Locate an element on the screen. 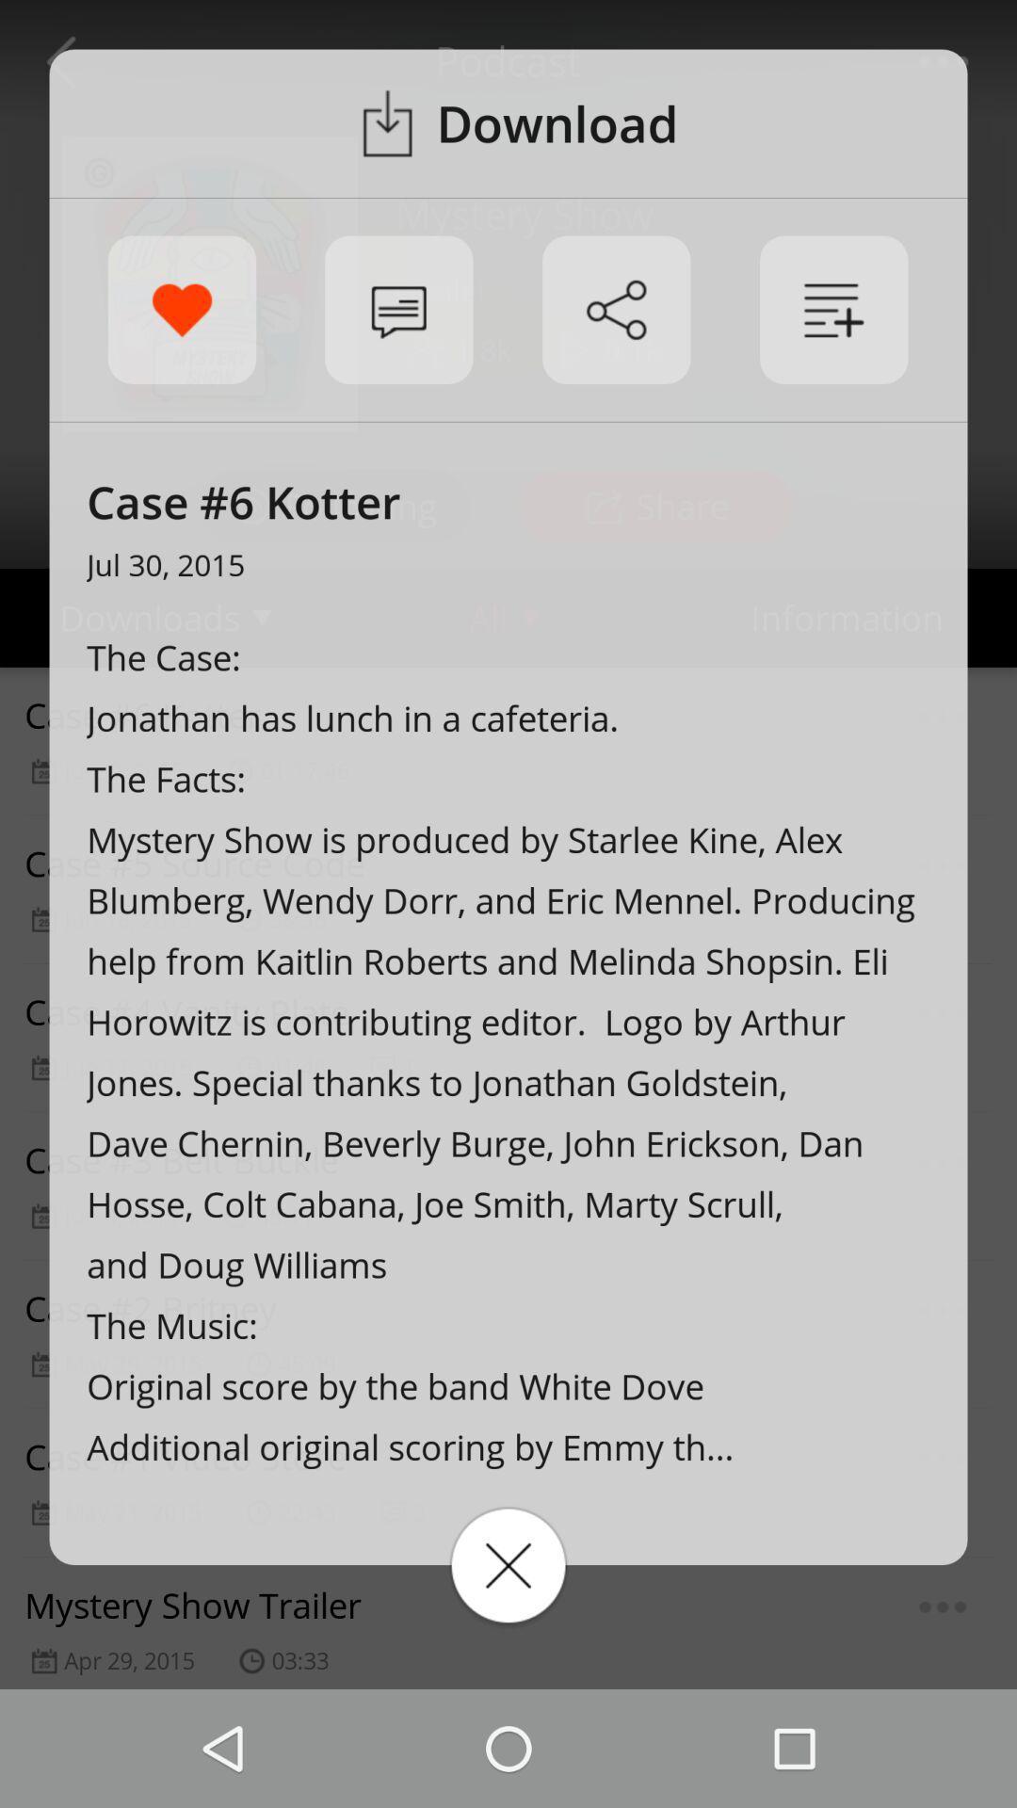 The height and width of the screenshot is (1808, 1017). a comment is located at coordinates (397, 310).